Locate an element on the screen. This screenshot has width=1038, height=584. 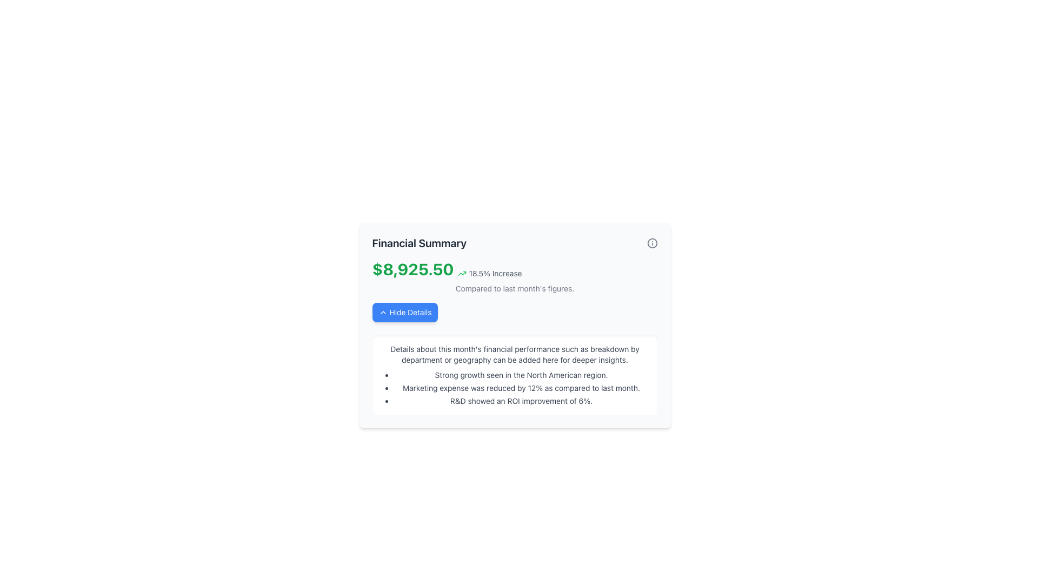
the green upward trend arrow icon with the text '18.5% Increase' located in the 'Financial Summary' section is located at coordinates (489, 273).